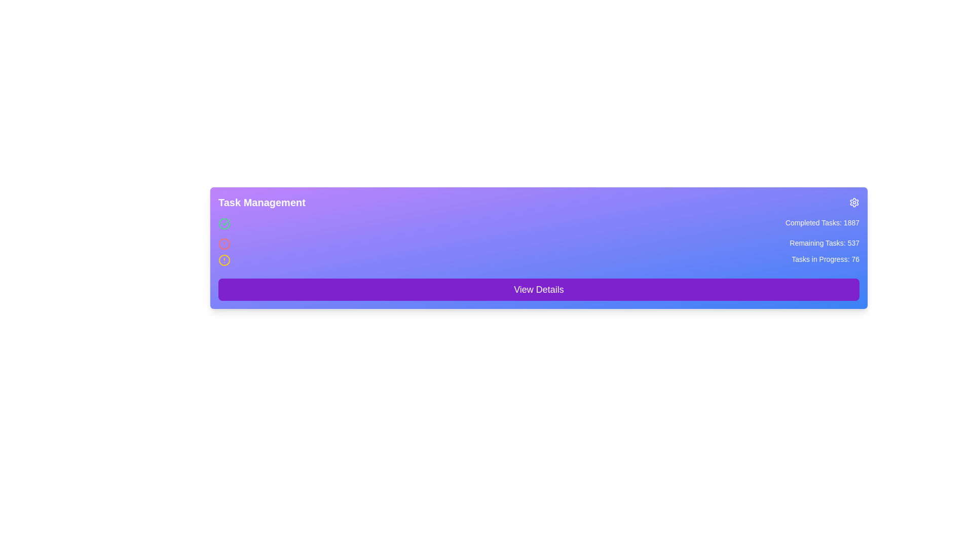 Image resolution: width=973 pixels, height=547 pixels. Describe the element at coordinates (223, 223) in the screenshot. I see `the Decorative icon (SVG element) that signifies a status or completion state, located in the 'Task Management' section` at that location.